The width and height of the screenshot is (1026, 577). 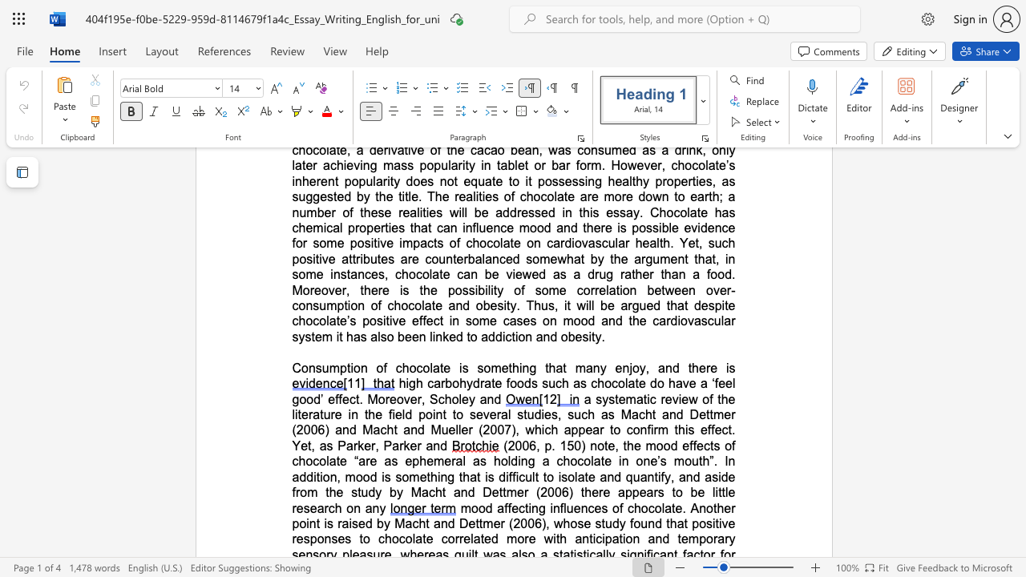 I want to click on the subset text "nsumption of chocolate is so" within the text "Consumption of chocolate is something that many enjoy, and there is", so click(x=308, y=368).